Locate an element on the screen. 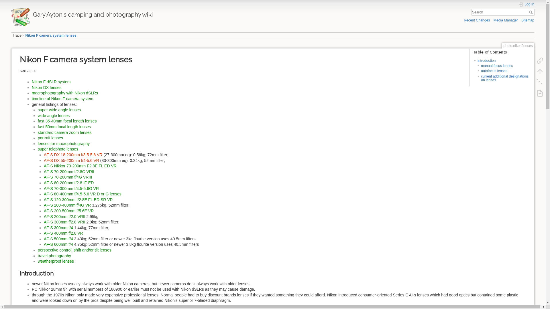 The image size is (550, 309). 'AF-S 400mm f/2.8 VR' is located at coordinates (63, 233).